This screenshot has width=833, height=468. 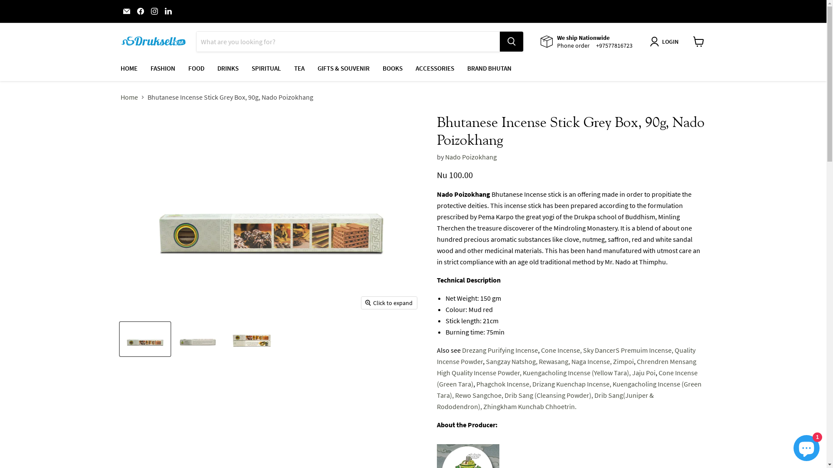 I want to click on 'Chrendren Mensang High Quality Incense Powder,', so click(x=566, y=367).